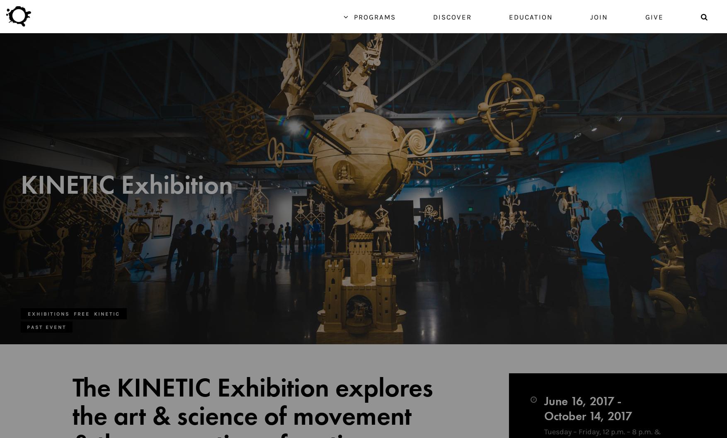 This screenshot has width=727, height=438. What do you see at coordinates (179, 408) in the screenshot?
I see `'Delve deeply into topical explorations with our seasons, collections of exhibits, performances, lectures, and educational workshops centered on a central notion.'` at bounding box center [179, 408].